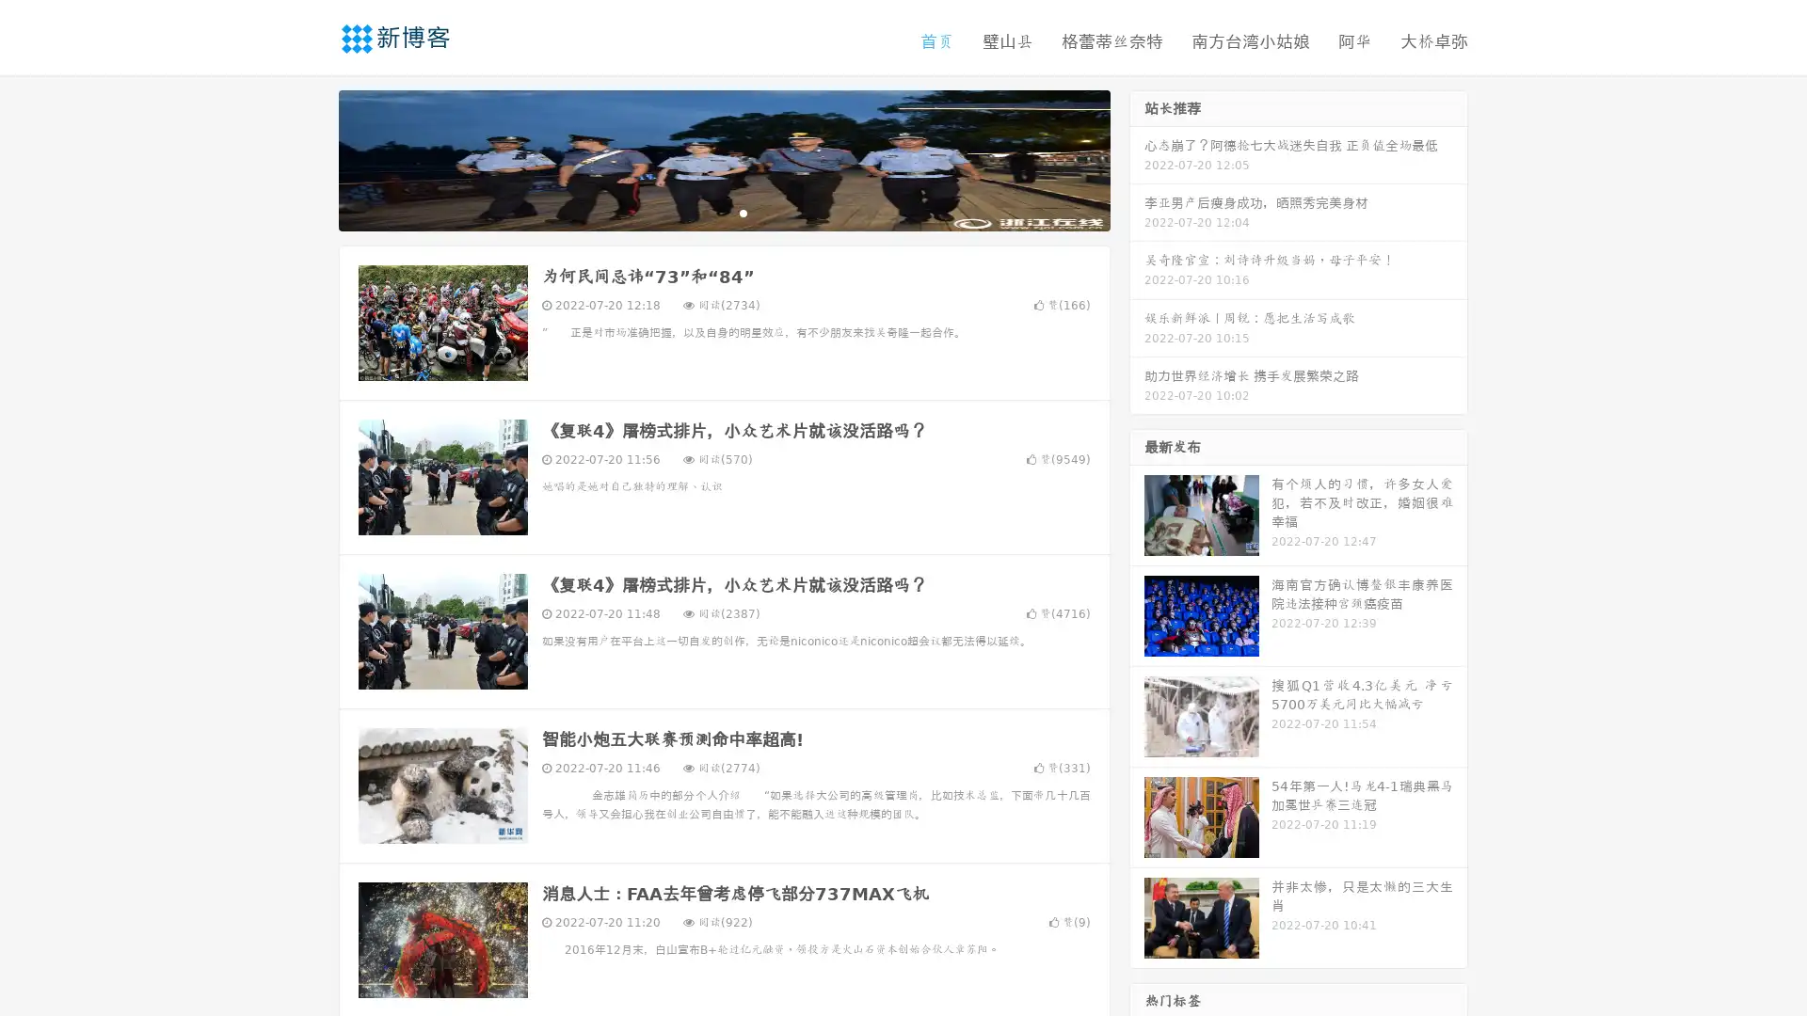 This screenshot has width=1807, height=1016. I want to click on Previous slide, so click(311, 158).